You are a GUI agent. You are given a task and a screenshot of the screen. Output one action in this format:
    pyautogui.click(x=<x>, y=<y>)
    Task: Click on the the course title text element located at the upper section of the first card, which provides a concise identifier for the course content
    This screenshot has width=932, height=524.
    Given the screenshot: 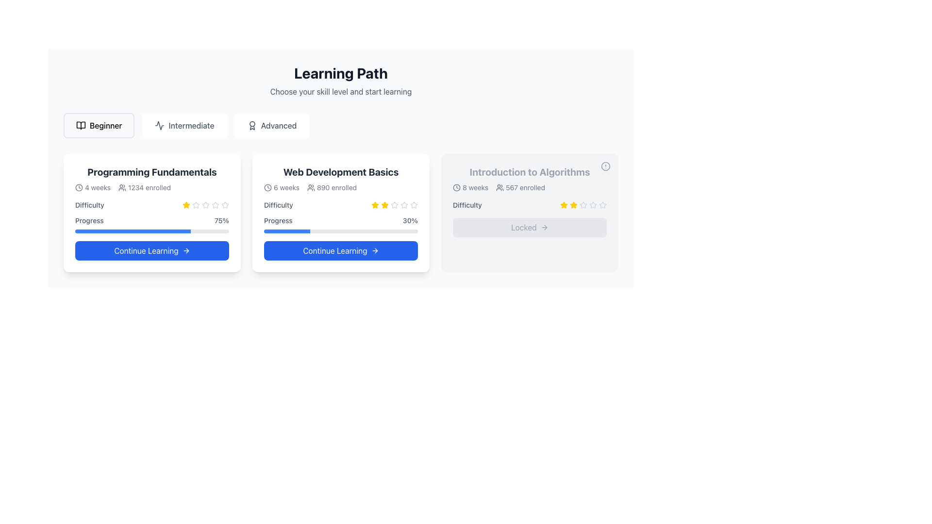 What is the action you would take?
    pyautogui.click(x=151, y=171)
    